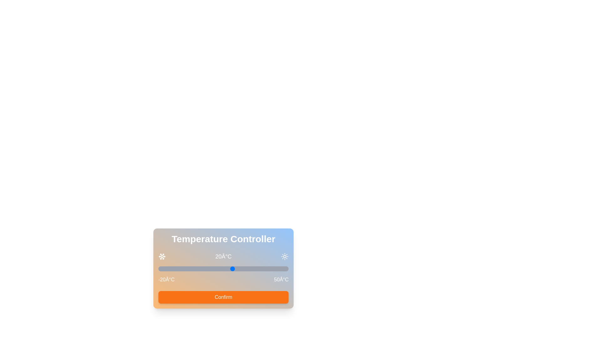  Describe the element at coordinates (223, 297) in the screenshot. I see `the Confirm button to finalize the selected temperature` at that location.